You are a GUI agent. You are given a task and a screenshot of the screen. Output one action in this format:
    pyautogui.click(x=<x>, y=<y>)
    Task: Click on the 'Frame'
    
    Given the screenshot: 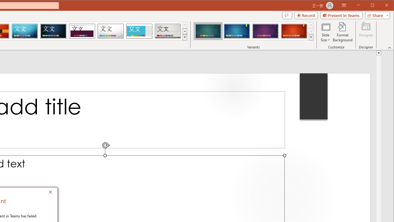 What is the action you would take?
    pyautogui.click(x=139, y=31)
    